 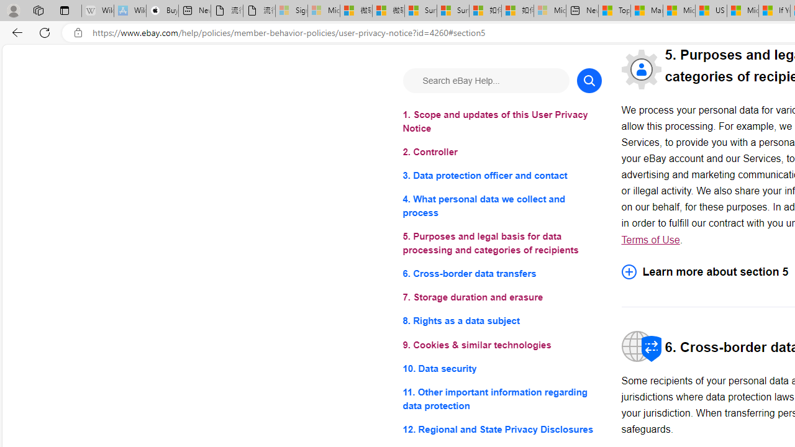 What do you see at coordinates (502, 368) in the screenshot?
I see `'10. Data security'` at bounding box center [502, 368].